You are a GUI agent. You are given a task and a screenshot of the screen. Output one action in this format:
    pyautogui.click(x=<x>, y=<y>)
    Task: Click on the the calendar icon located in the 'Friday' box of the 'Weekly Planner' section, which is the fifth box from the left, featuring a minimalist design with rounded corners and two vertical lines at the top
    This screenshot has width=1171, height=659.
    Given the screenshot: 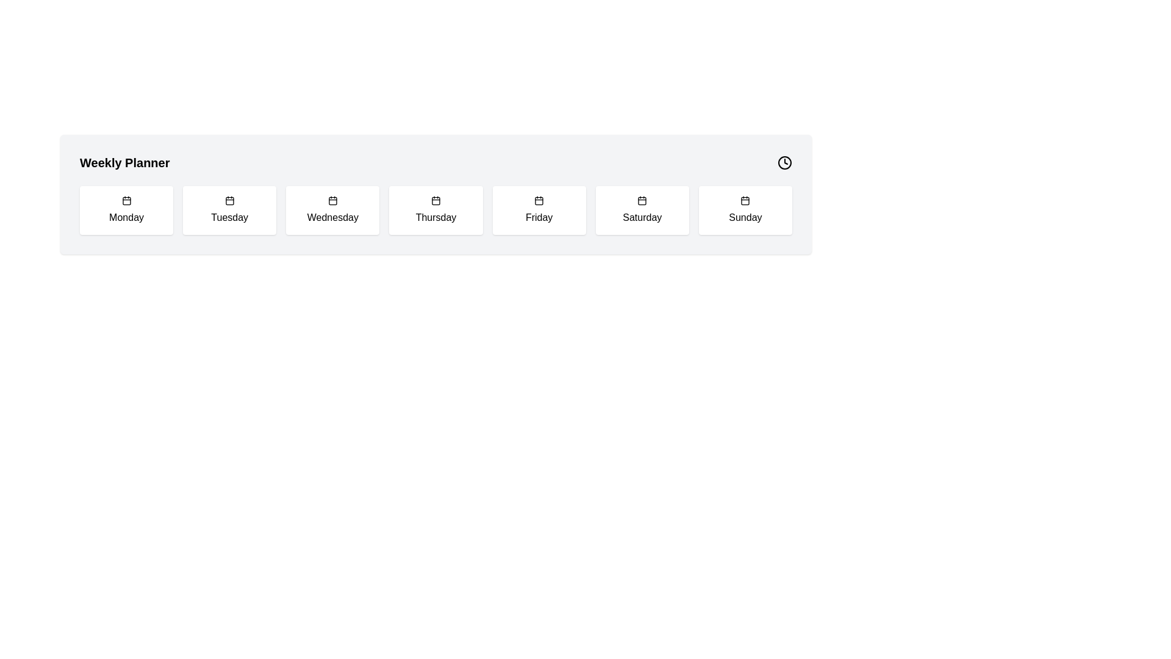 What is the action you would take?
    pyautogui.click(x=539, y=200)
    